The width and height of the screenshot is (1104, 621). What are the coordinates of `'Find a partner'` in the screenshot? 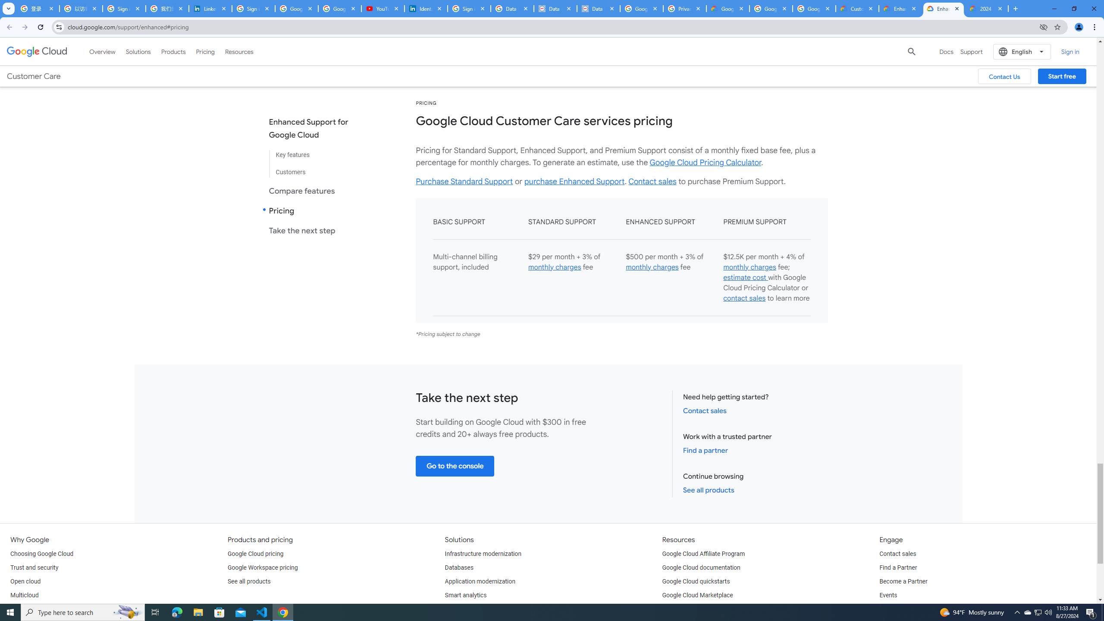 It's located at (705, 450).